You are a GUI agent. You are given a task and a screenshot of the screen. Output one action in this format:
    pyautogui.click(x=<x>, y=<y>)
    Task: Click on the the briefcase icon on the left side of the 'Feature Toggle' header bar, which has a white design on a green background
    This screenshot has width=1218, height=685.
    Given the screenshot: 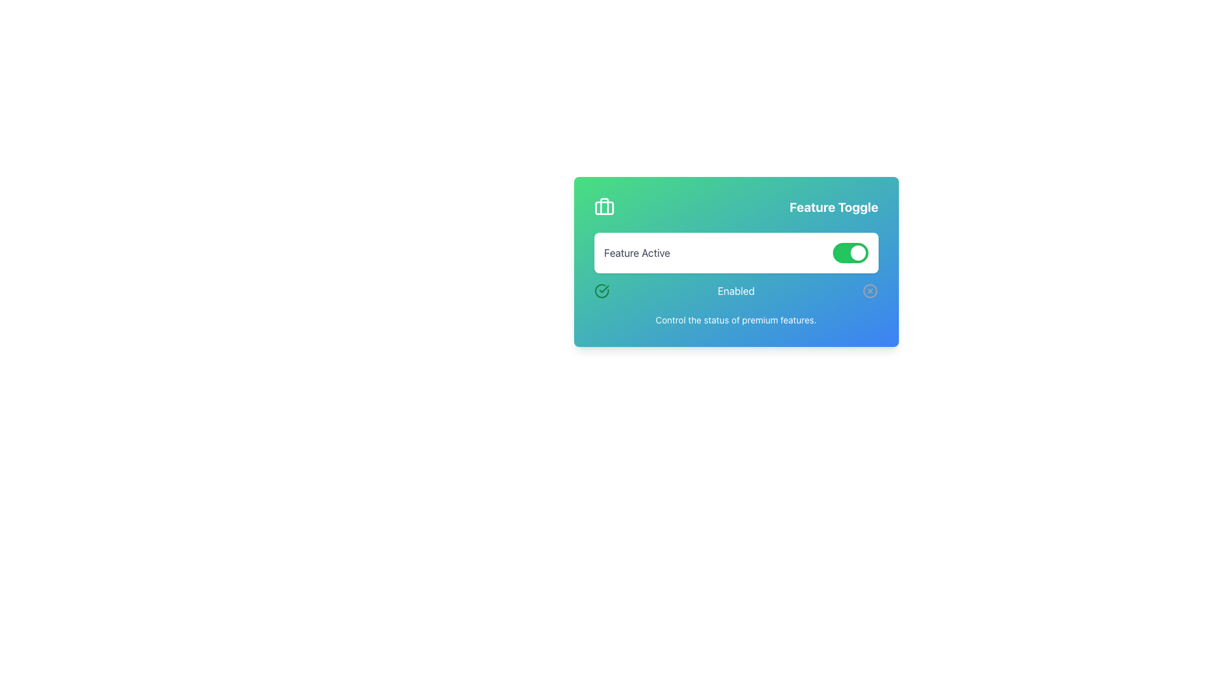 What is the action you would take?
    pyautogui.click(x=603, y=207)
    